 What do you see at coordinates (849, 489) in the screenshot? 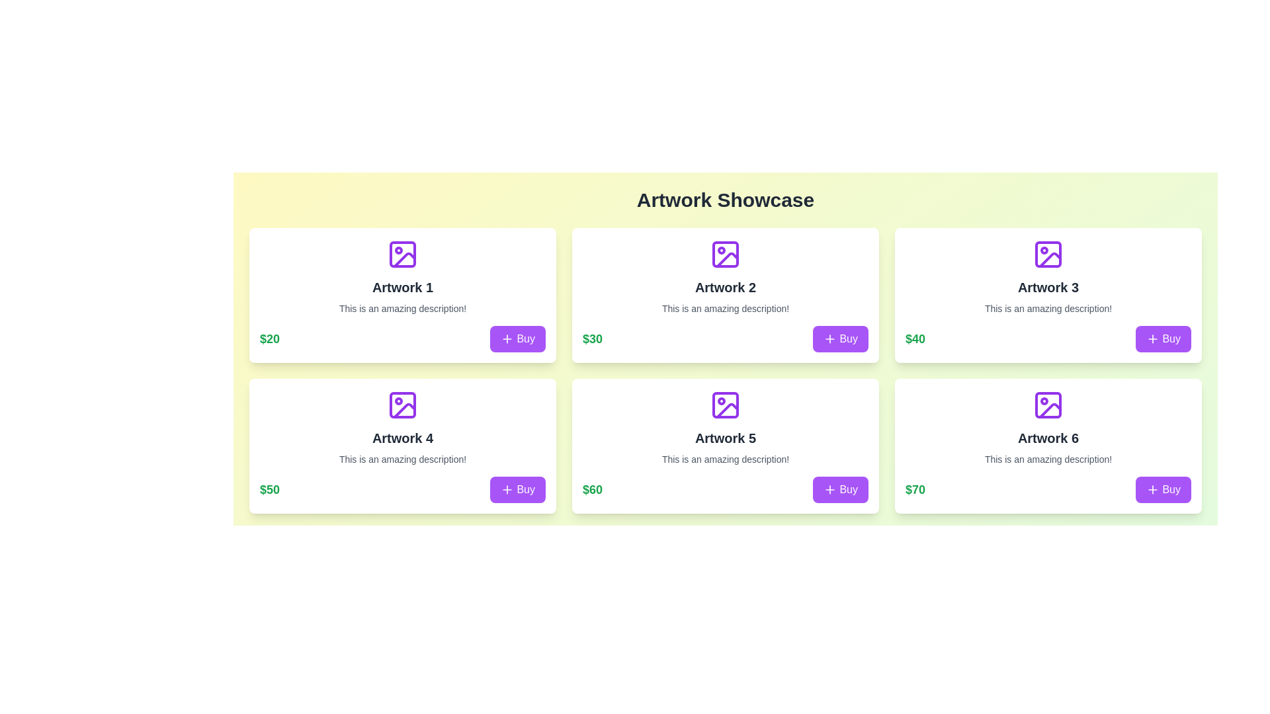
I see `the 'Buy' button located in the bottom-right corner of the fifth card labeled 'Artwork 5' to initiate the purchase process` at bounding box center [849, 489].